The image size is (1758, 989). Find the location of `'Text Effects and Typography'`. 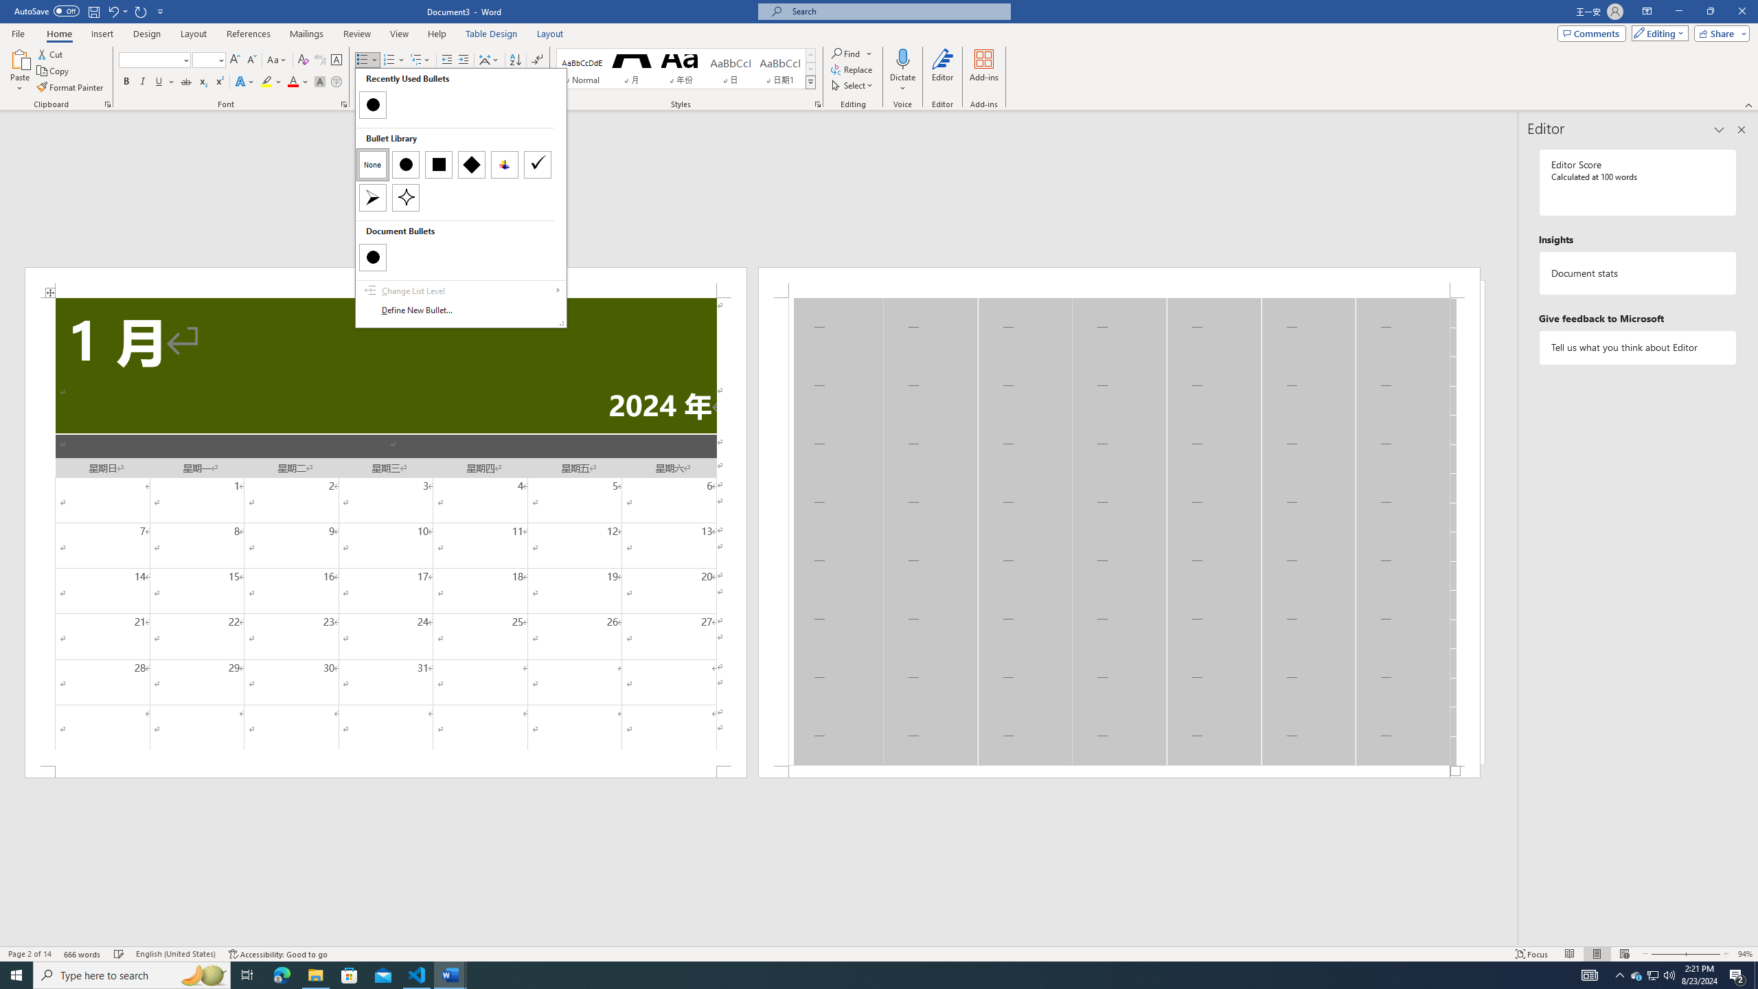

'Text Effects and Typography' is located at coordinates (243, 81).